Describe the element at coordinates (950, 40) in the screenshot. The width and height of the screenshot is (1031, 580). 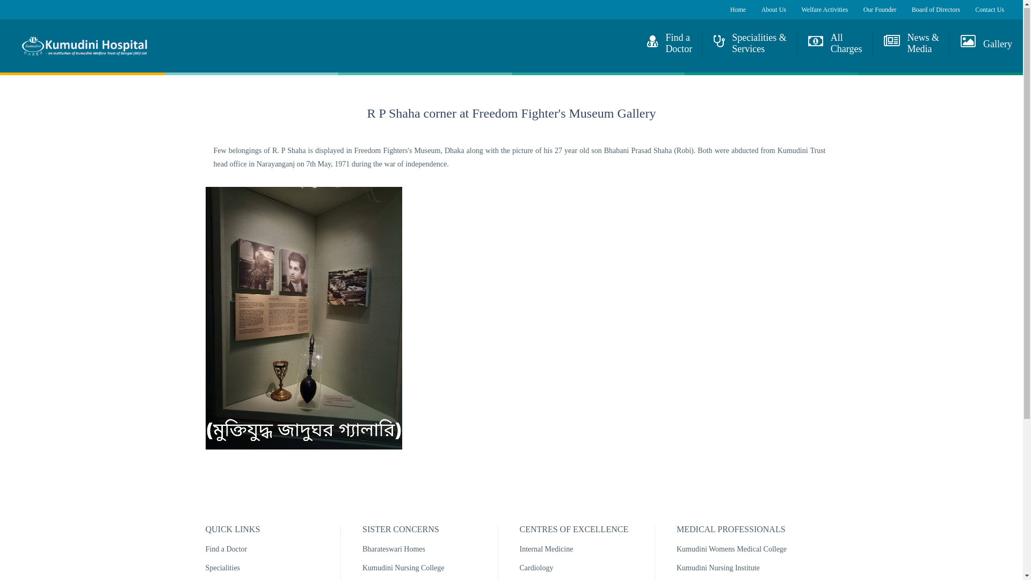
I see `'Gallery'` at that location.